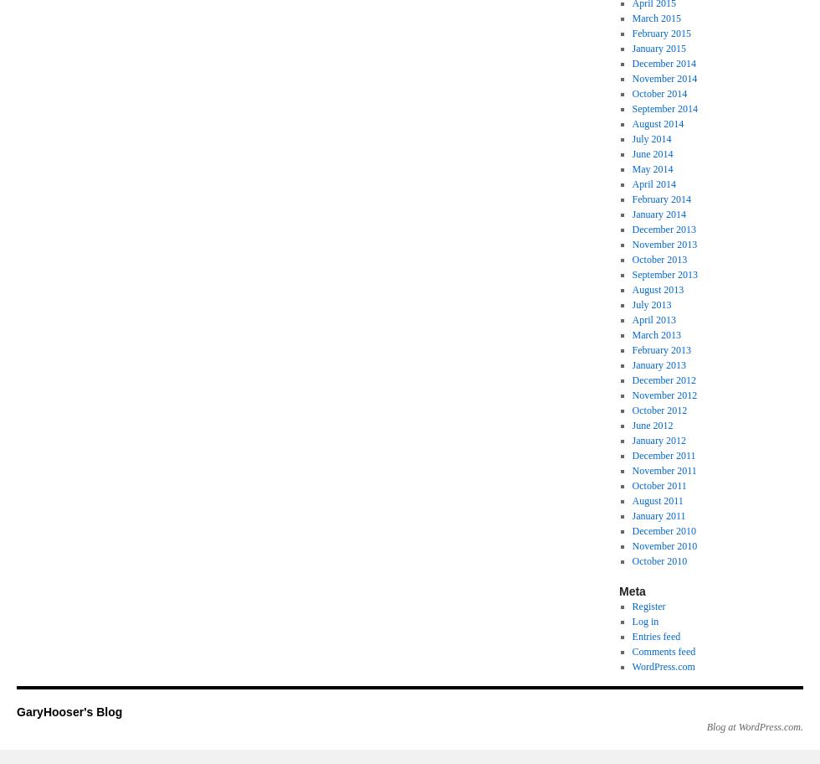 The height and width of the screenshot is (764, 820). I want to click on 'April 2013', so click(653, 319).